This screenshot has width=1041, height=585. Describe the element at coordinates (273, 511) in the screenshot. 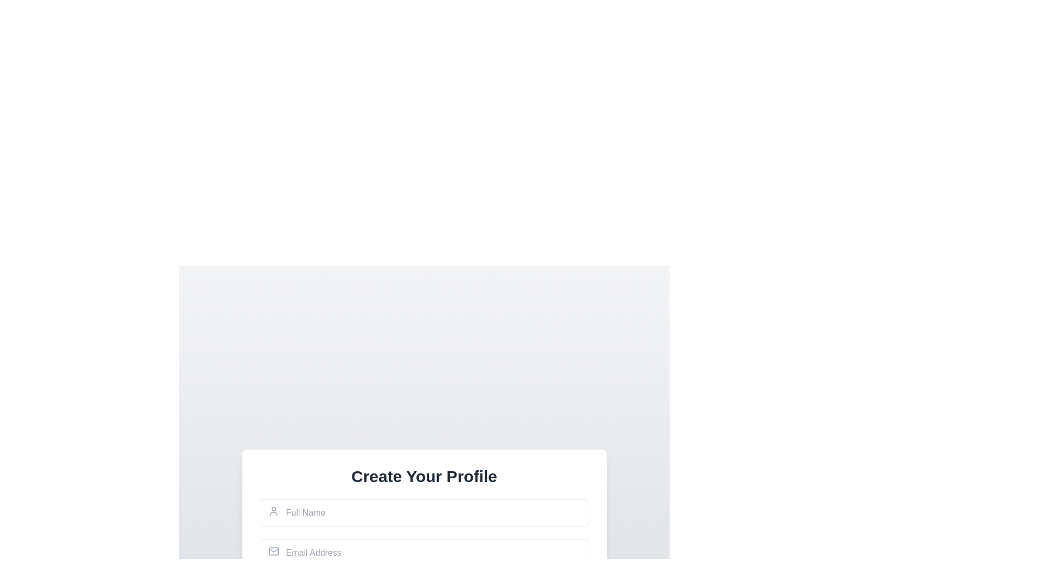

I see `the user profile icon, which resembles the outline of a person and is located at the left boundary inside the 'Full Name' input field in the user profile creation form` at that location.